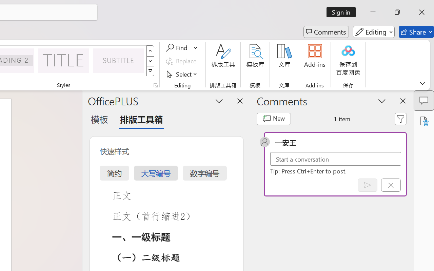  I want to click on 'Sign in', so click(343, 12).